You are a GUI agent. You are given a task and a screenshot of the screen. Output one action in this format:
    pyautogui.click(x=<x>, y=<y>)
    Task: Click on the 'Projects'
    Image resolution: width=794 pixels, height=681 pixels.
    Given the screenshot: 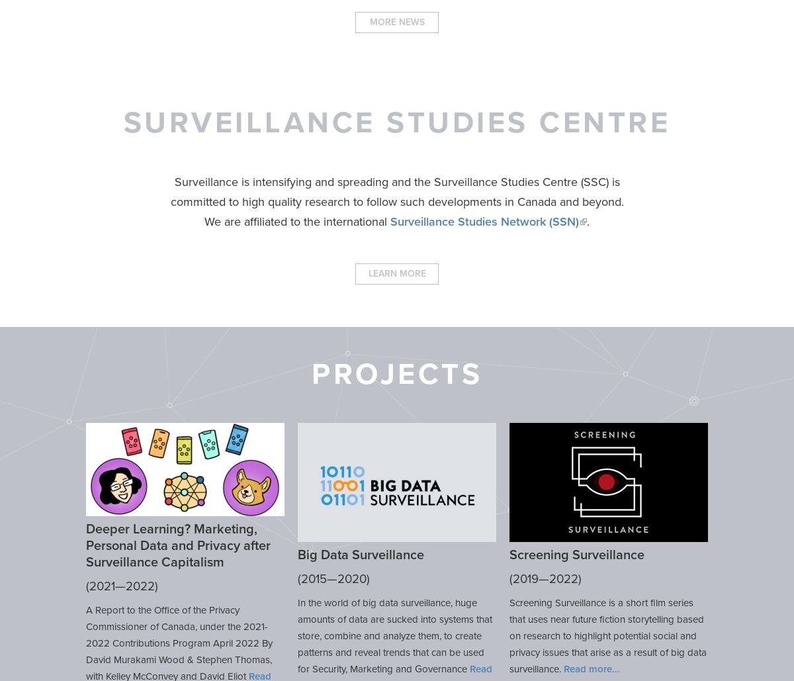 What is the action you would take?
    pyautogui.click(x=397, y=373)
    